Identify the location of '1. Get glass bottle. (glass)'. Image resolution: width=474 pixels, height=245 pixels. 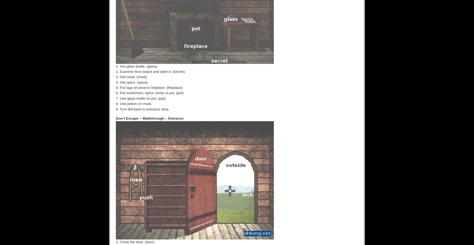
(136, 66).